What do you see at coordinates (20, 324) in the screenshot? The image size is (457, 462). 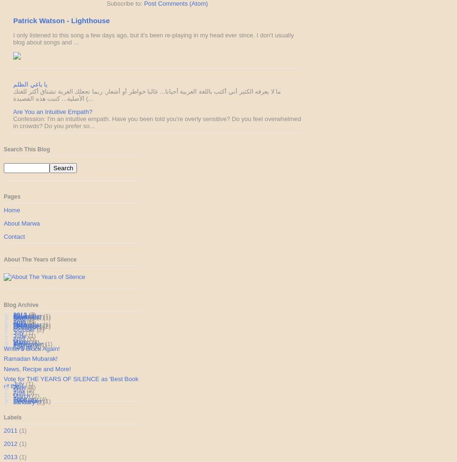 I see `'2010'` at bounding box center [20, 324].